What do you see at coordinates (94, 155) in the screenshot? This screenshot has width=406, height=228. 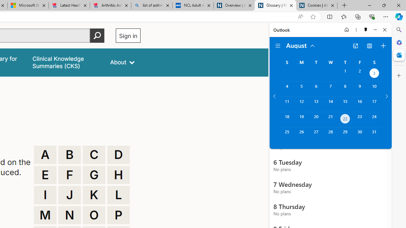 I see `'C'` at bounding box center [94, 155].